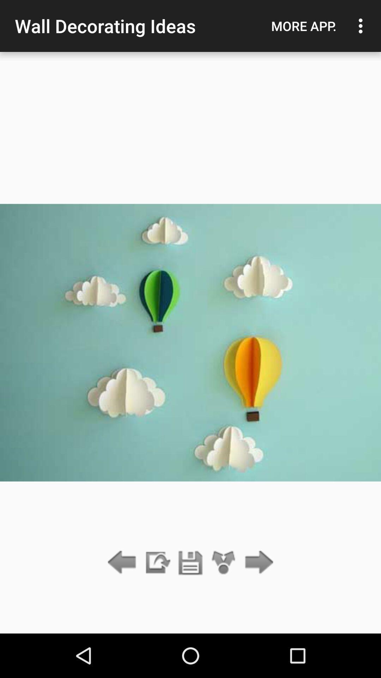  I want to click on the more app., so click(303, 26).